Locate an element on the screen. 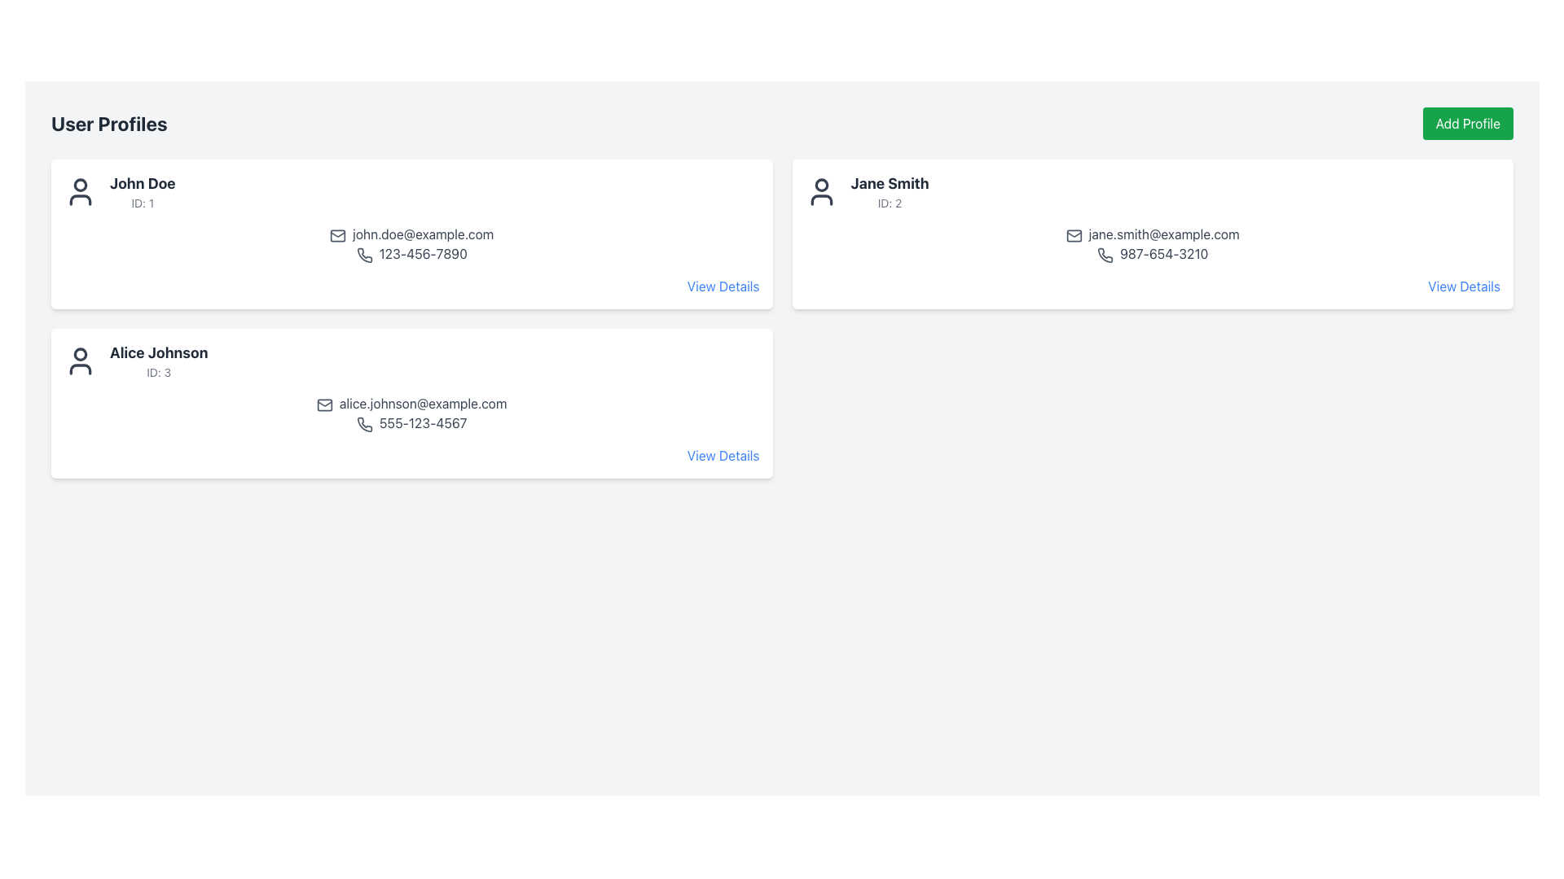 This screenshot has width=1564, height=879. the email icon representing the address 'alice.johnson@example.com' located in the bottom-left area of the layout, directly to the left of the email text is located at coordinates (324, 404).